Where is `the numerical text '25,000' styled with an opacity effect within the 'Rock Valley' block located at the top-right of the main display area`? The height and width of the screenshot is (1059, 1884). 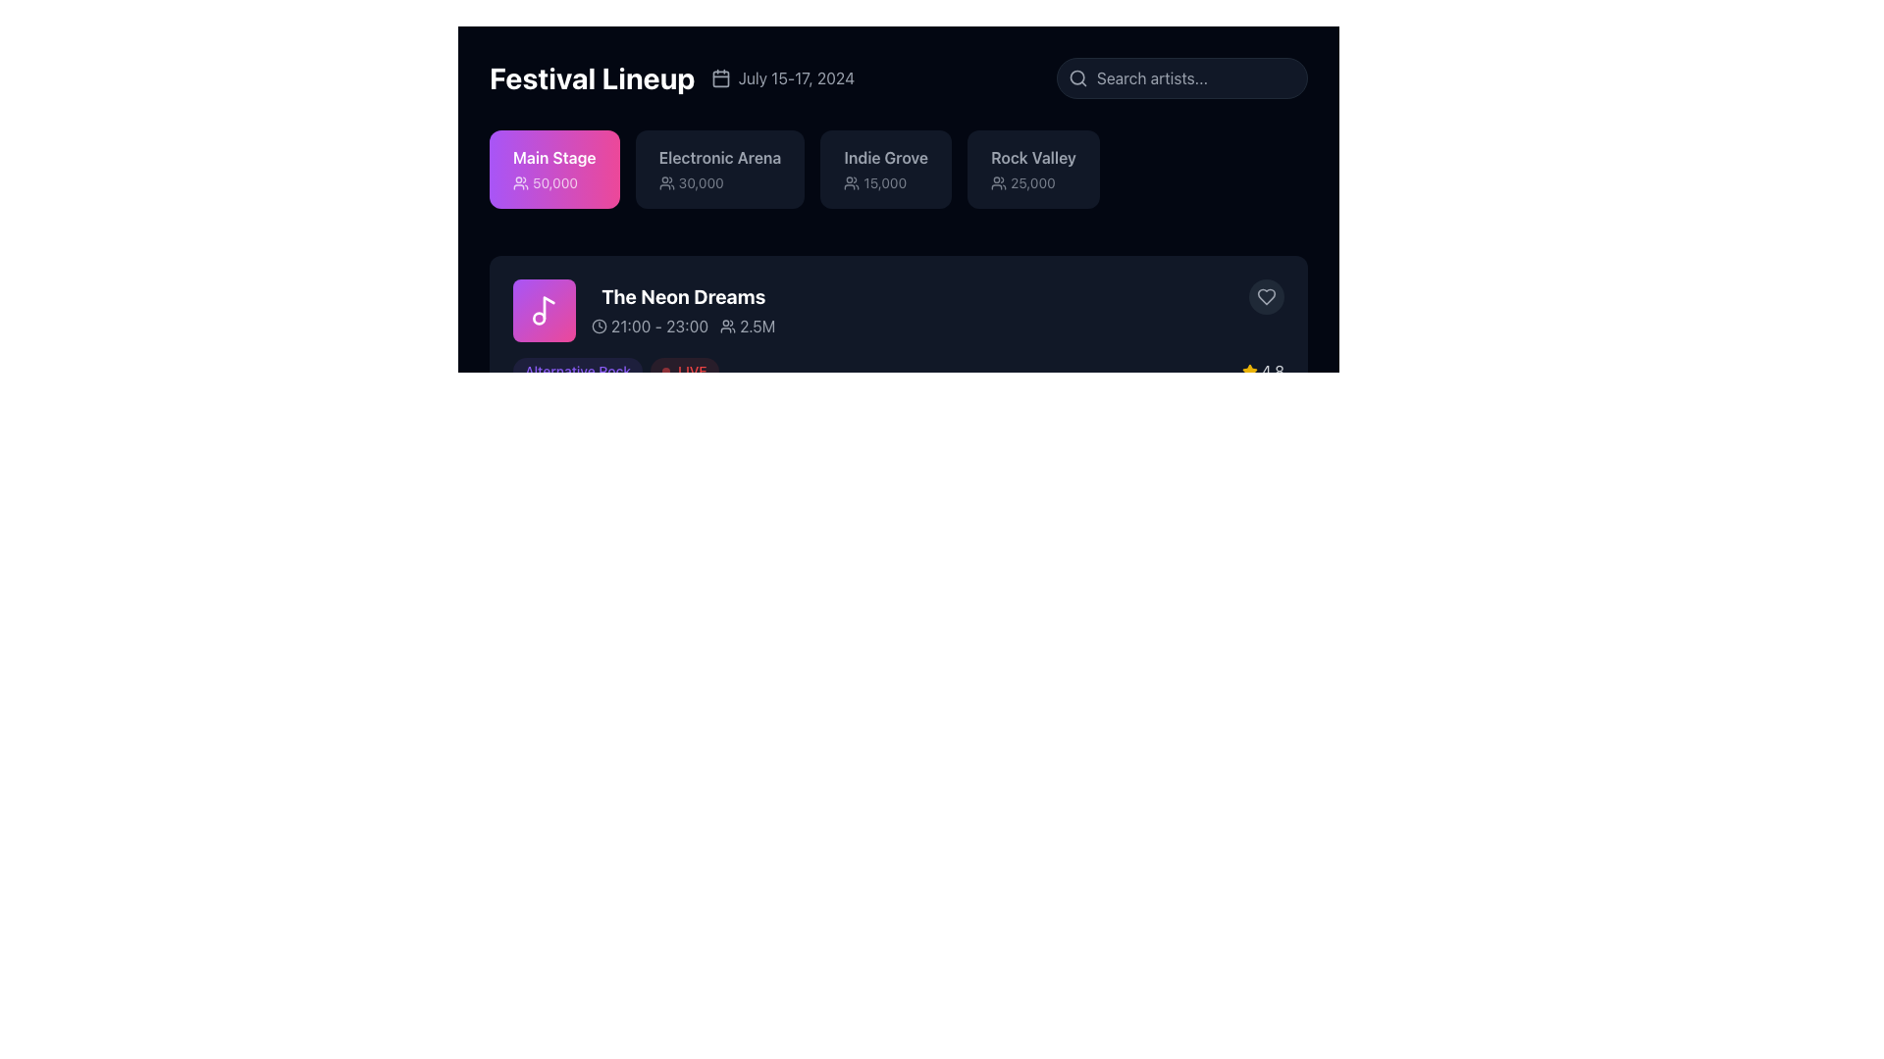
the numerical text '25,000' styled with an opacity effect within the 'Rock Valley' block located at the top-right of the main display area is located at coordinates (1031, 182).